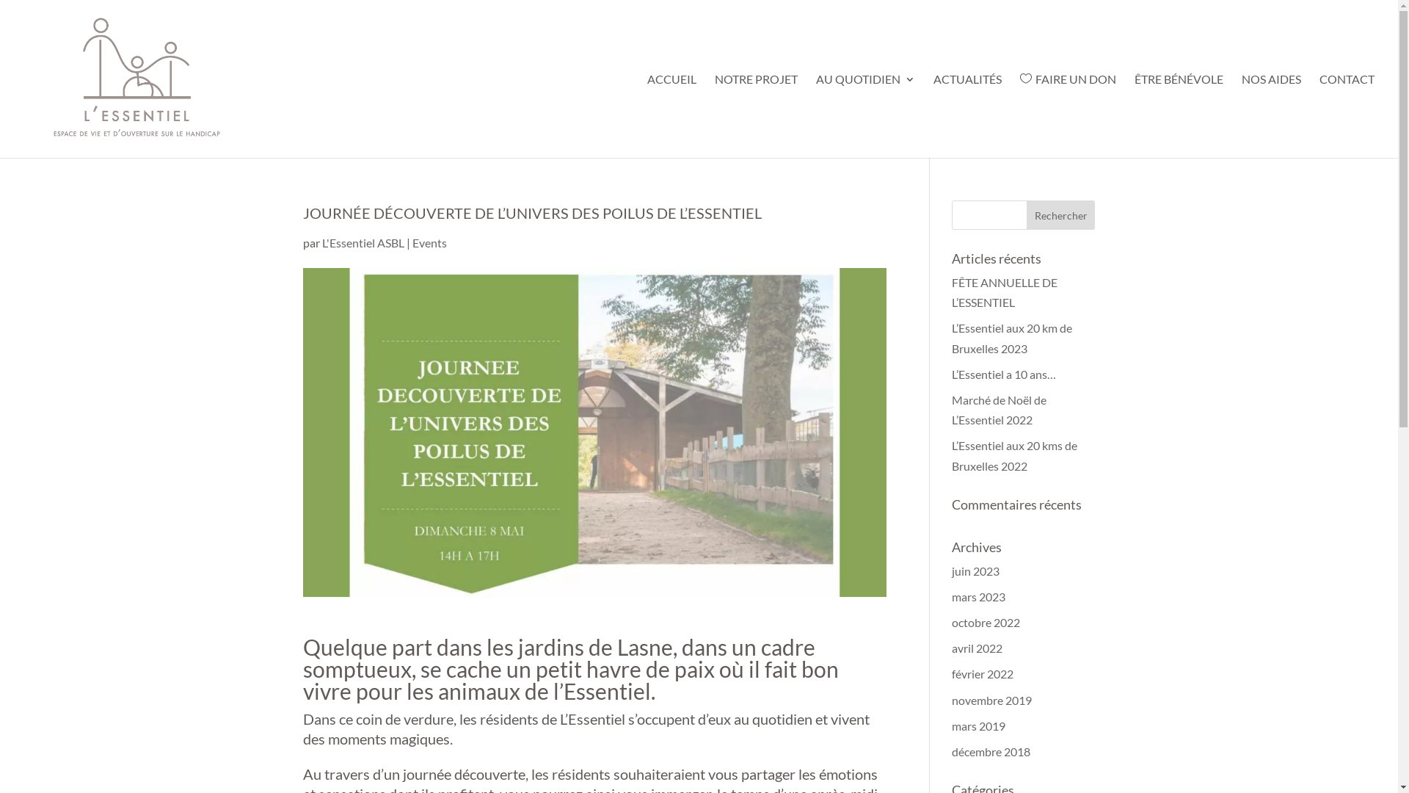 Image resolution: width=1409 pixels, height=793 pixels. Describe the element at coordinates (978, 725) in the screenshot. I see `'mars 2019'` at that location.